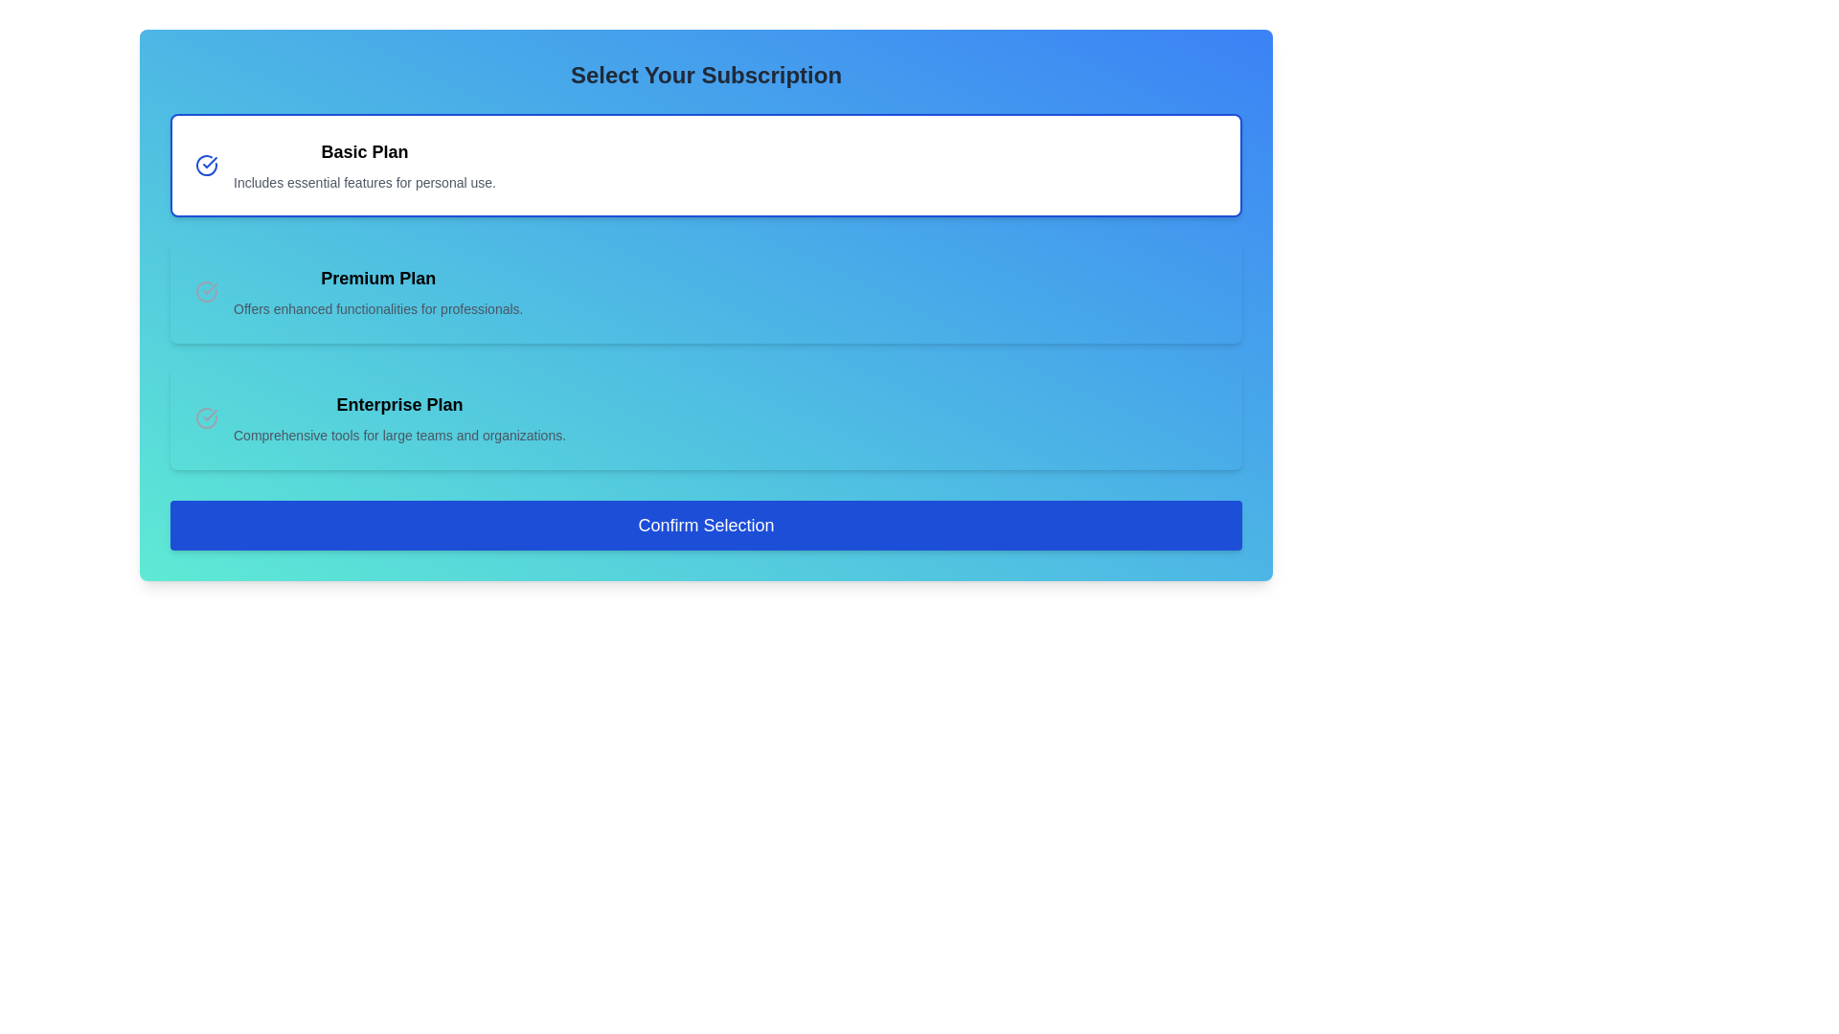  What do you see at coordinates (364, 165) in the screenshot?
I see `the text block displaying 'Basic Plan' which includes essential features for personal use` at bounding box center [364, 165].